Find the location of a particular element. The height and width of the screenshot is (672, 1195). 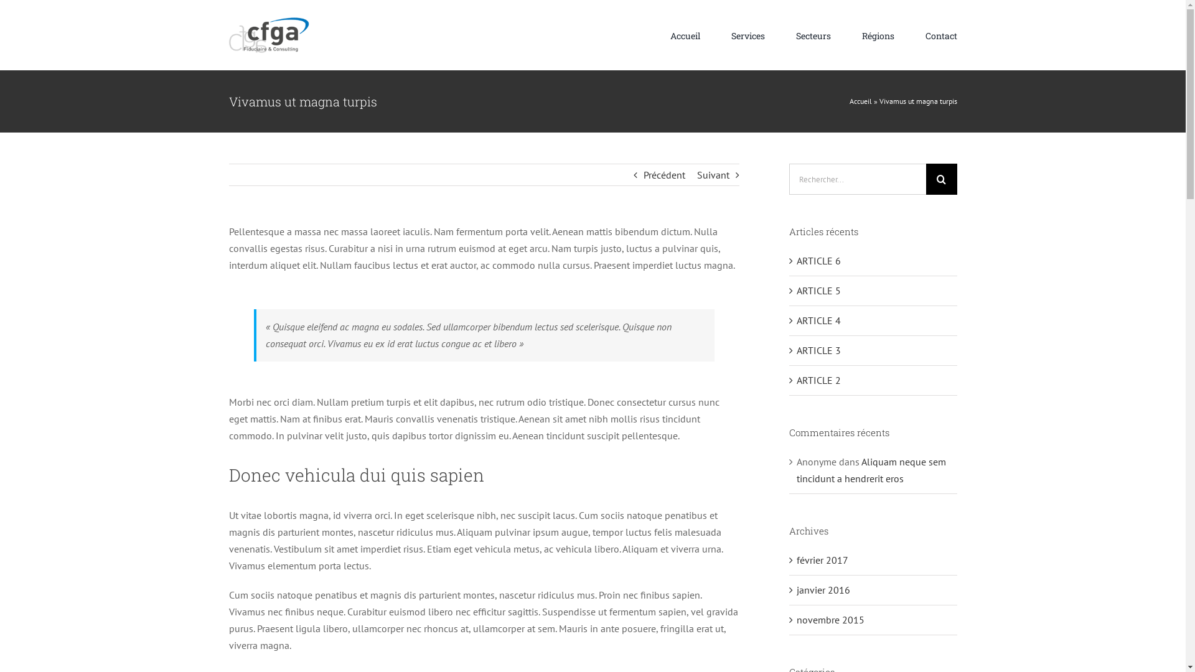

'ARTICLE 2' is located at coordinates (818, 379).